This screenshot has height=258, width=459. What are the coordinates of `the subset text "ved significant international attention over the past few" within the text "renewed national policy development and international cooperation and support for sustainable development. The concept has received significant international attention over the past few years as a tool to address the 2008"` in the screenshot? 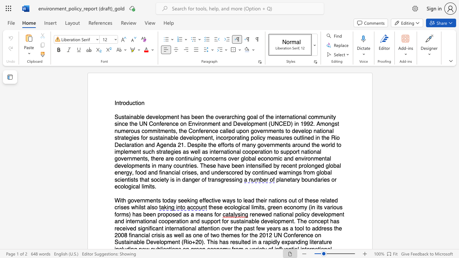 It's located at (127, 228).